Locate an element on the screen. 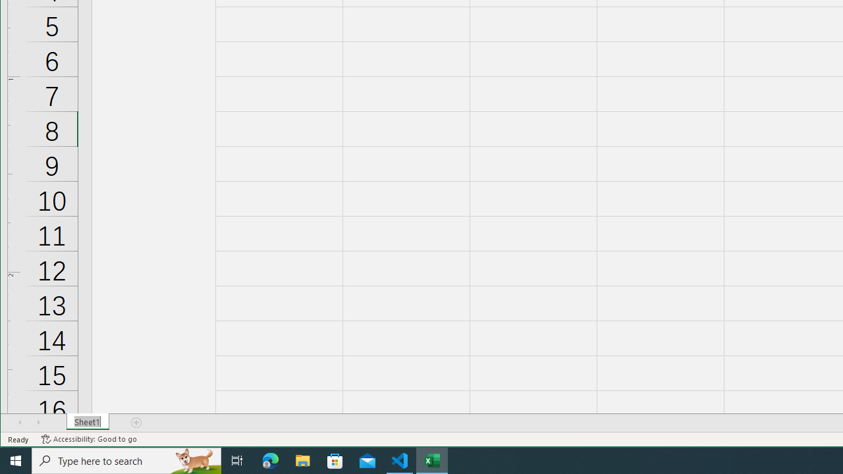 This screenshot has height=474, width=843. 'Sheet Tab' is located at coordinates (87, 422).